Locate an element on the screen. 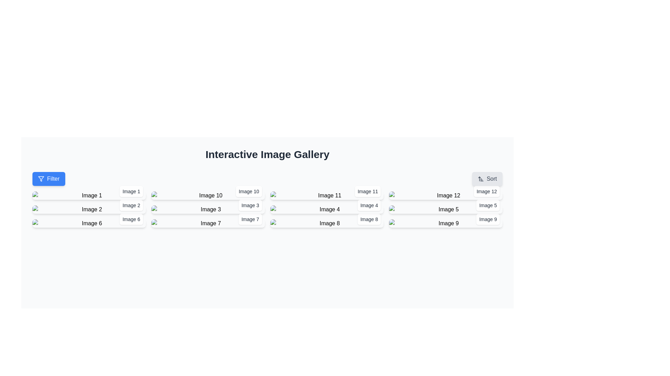 Image resolution: width=670 pixels, height=376 pixels. to select the interactive thumbnail labeled 'Image 6', which is located in the third row and first column of a grid layout is located at coordinates (89, 223).